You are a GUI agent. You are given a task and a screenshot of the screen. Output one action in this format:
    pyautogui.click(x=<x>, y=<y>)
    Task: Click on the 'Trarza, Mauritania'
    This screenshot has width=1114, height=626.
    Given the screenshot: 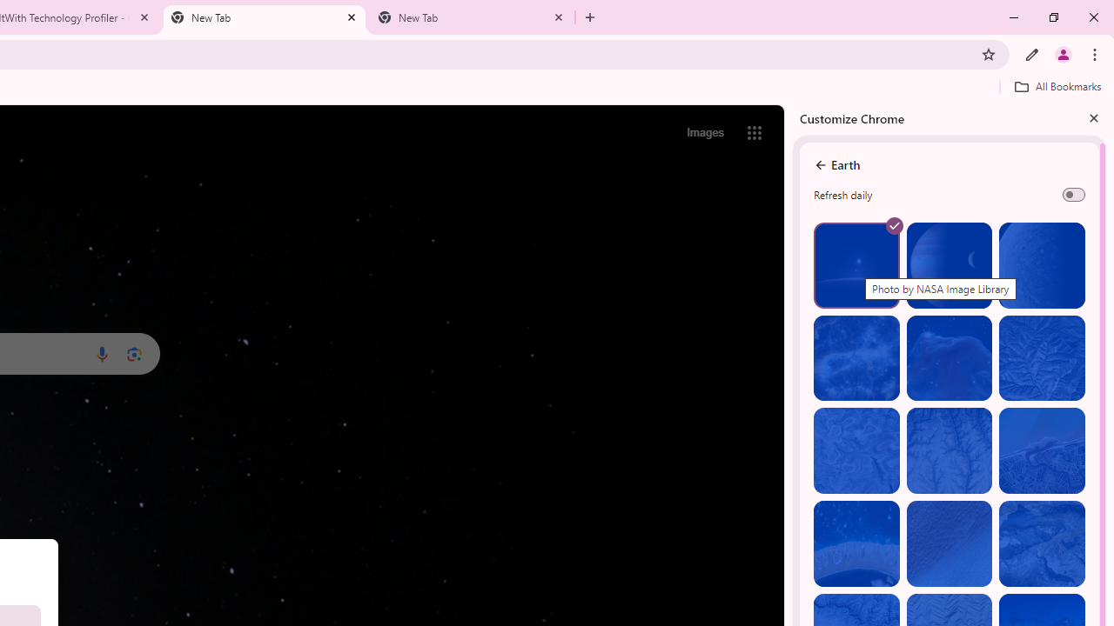 What is the action you would take?
    pyautogui.click(x=948, y=543)
    